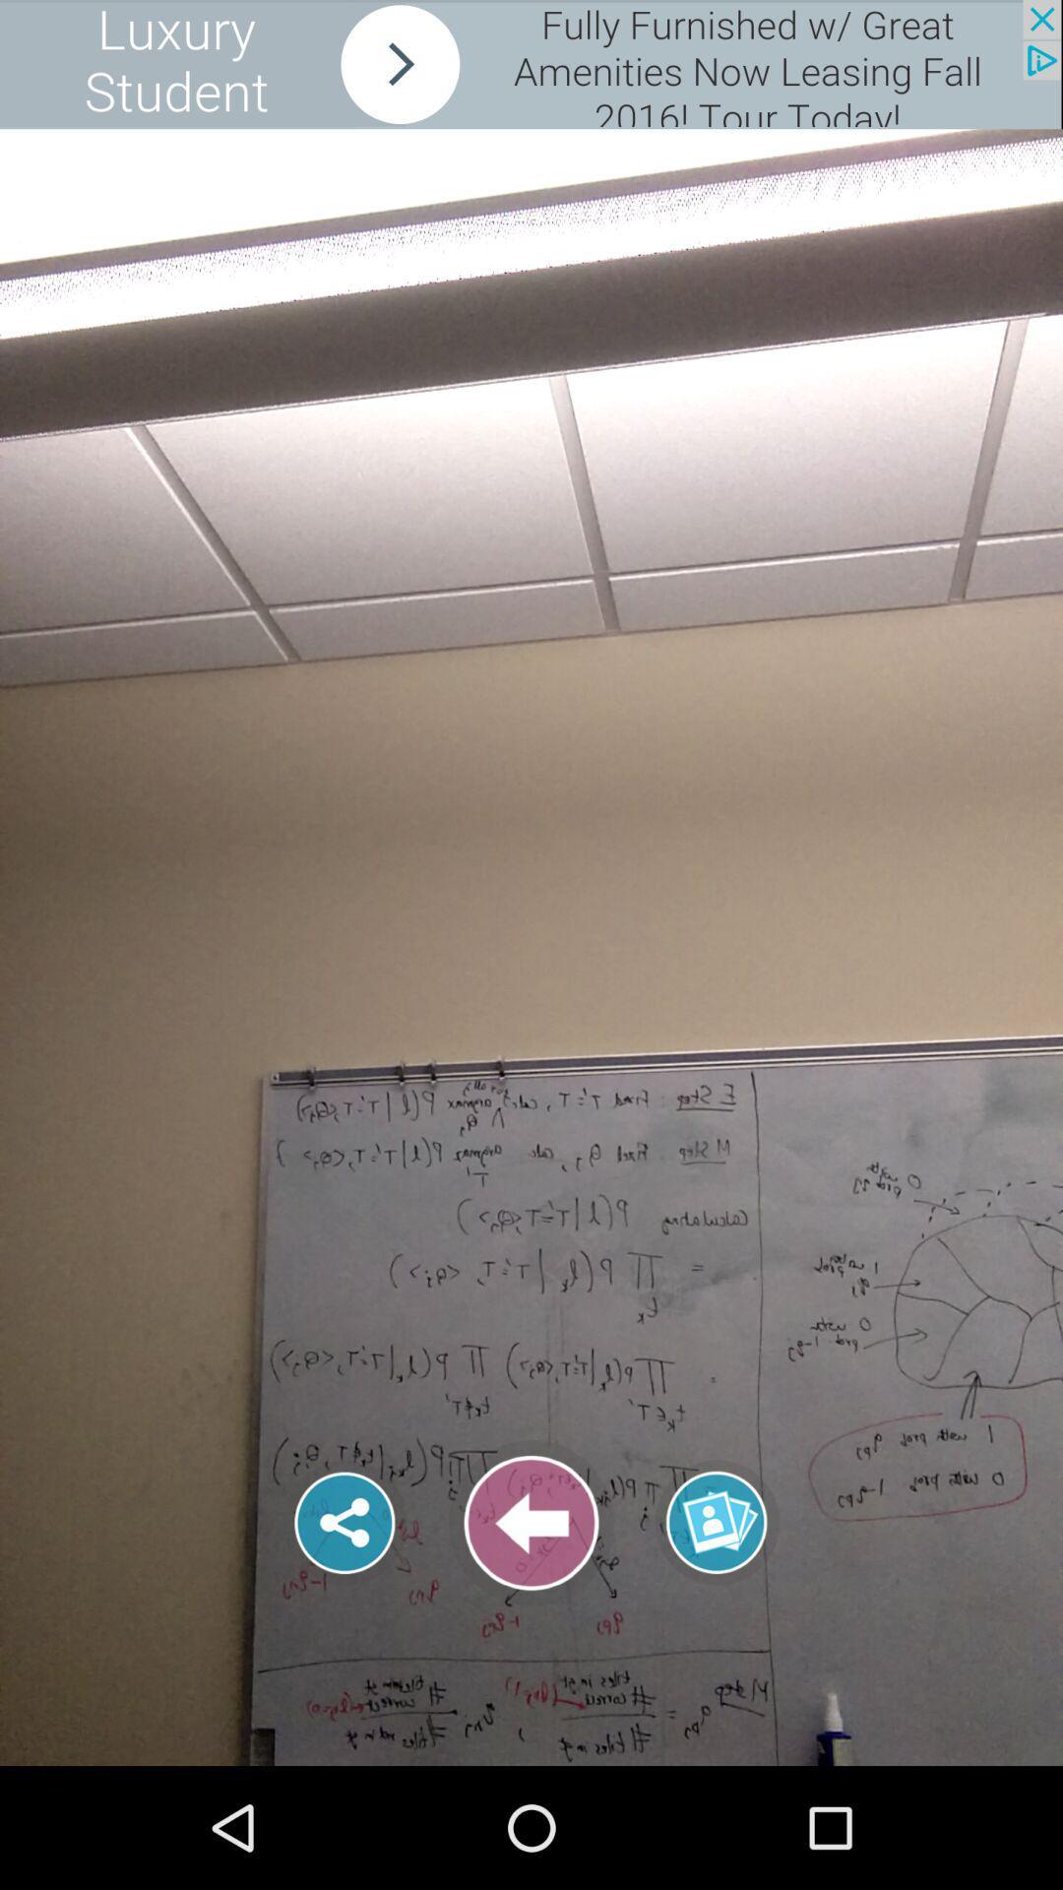 This screenshot has width=1063, height=1890. Describe the element at coordinates (530, 64) in the screenshot. I see `the advertisement` at that location.